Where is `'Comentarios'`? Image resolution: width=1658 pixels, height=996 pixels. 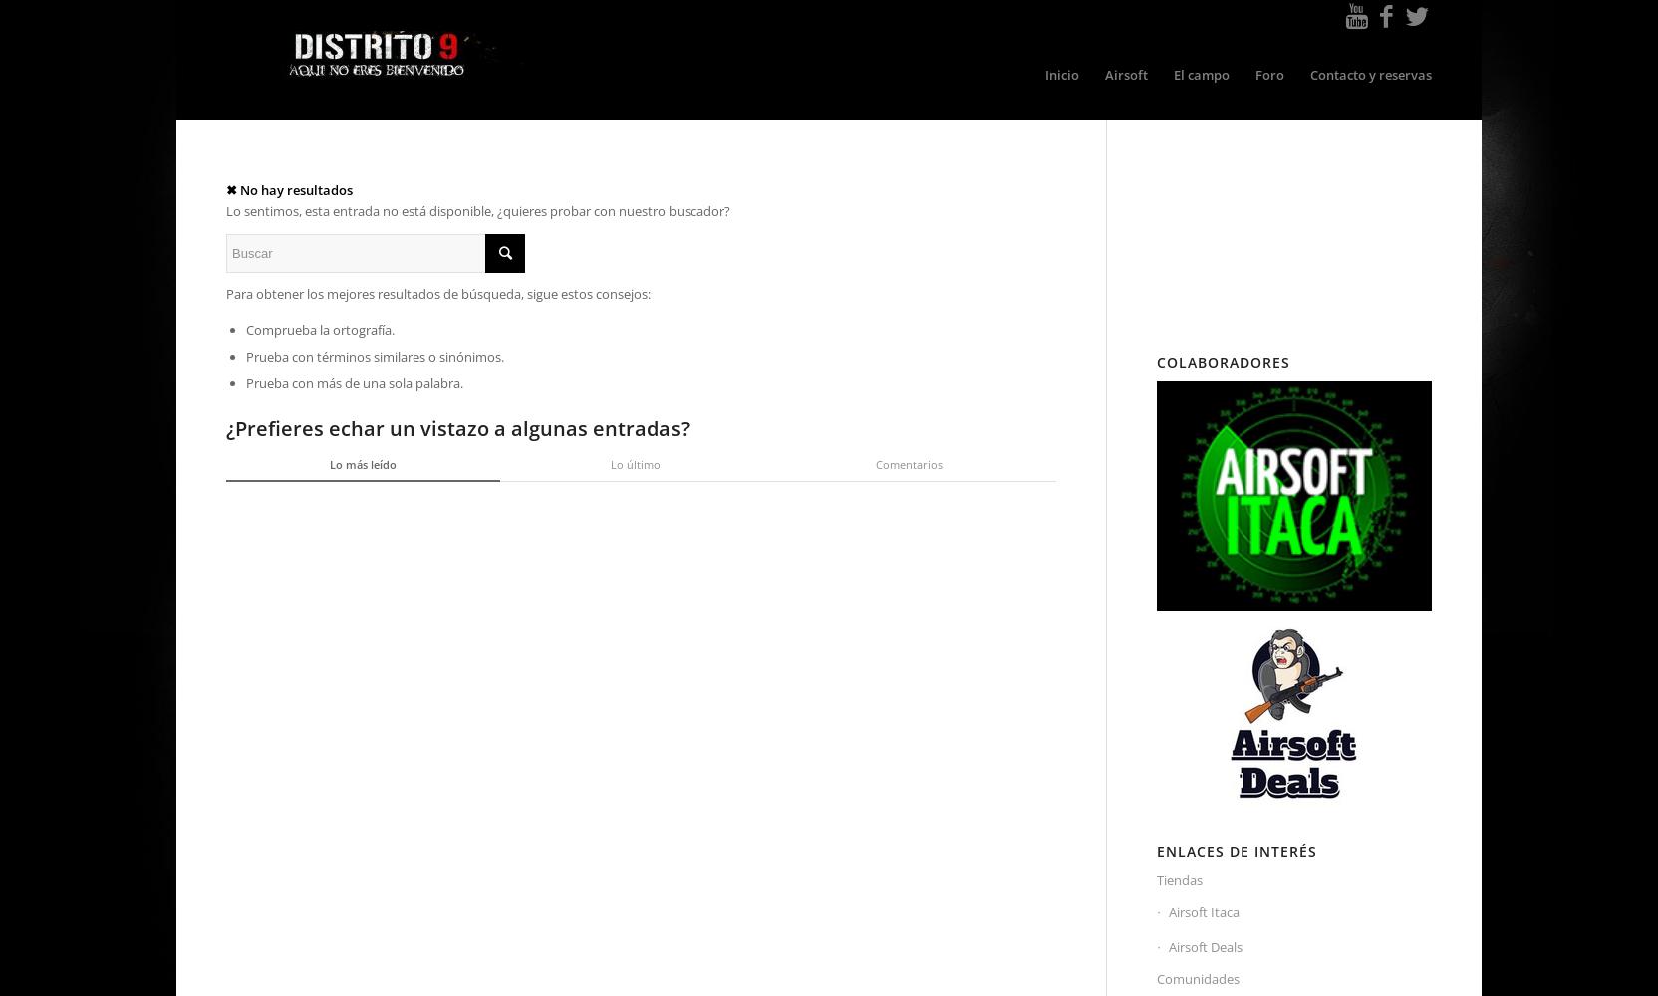
'Comentarios' is located at coordinates (908, 462).